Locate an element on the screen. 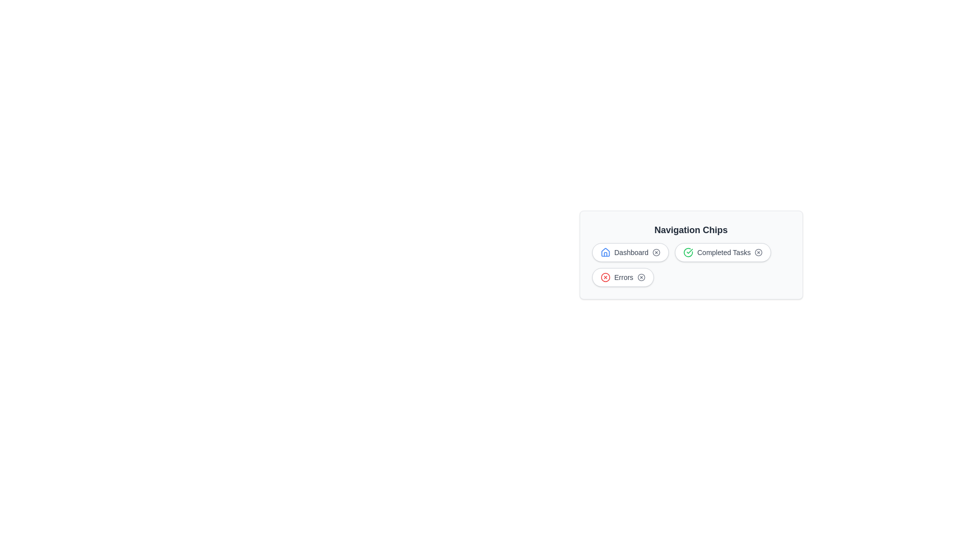 The height and width of the screenshot is (538, 957). close button of the chip labeled Dashboard is located at coordinates (656, 252).